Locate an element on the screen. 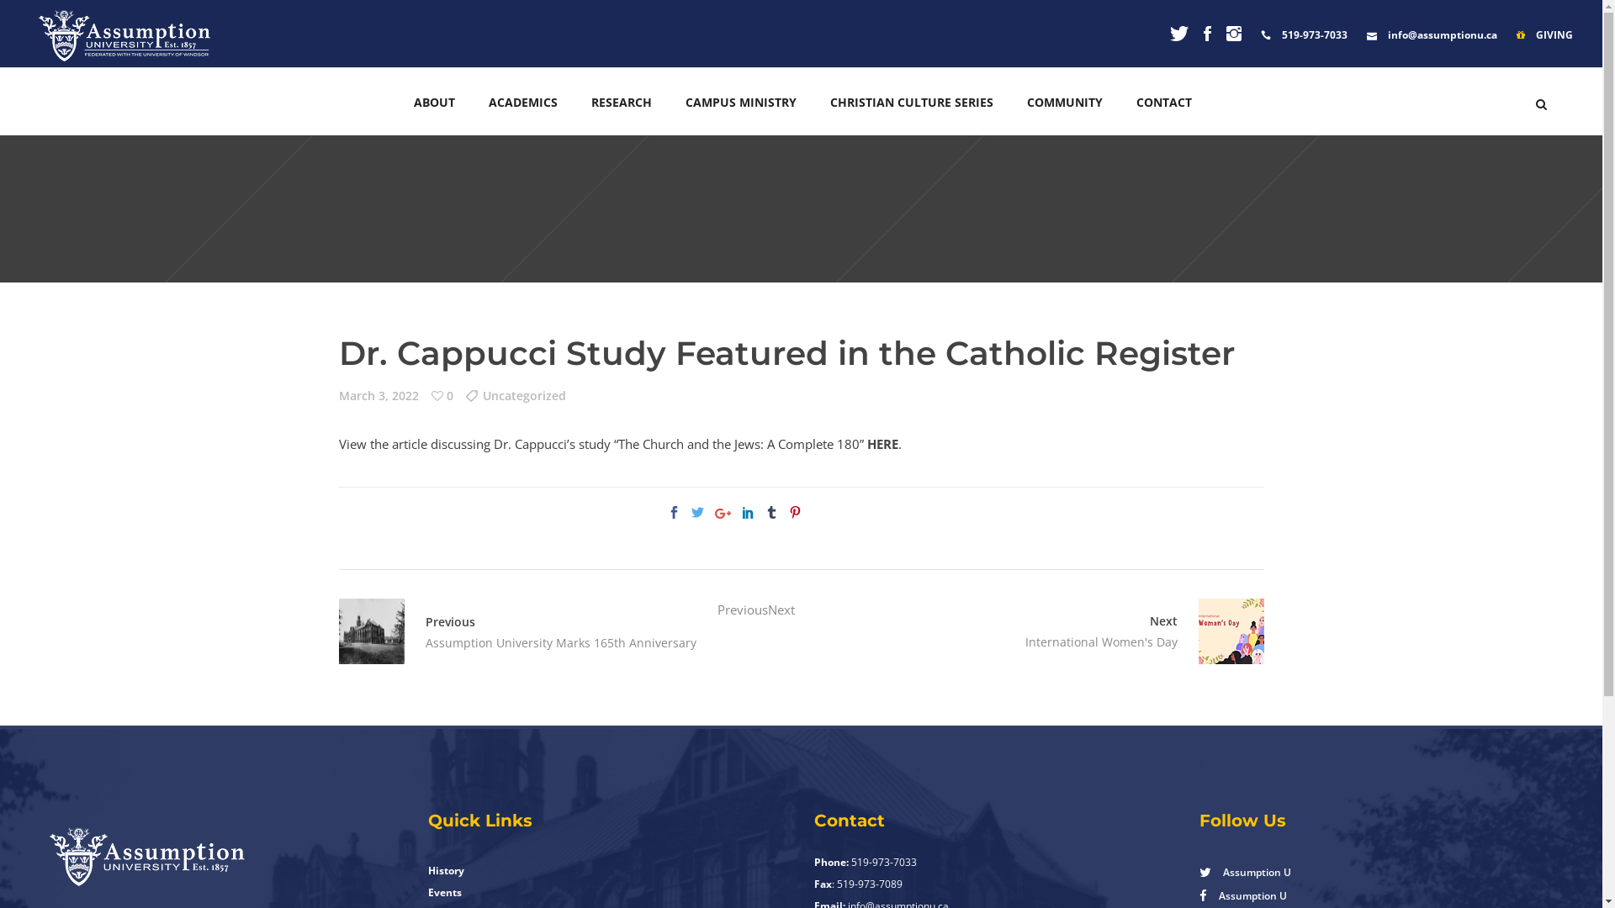 Image resolution: width=1615 pixels, height=908 pixels. 'CAMPUS MINISTRY' is located at coordinates (668, 101).